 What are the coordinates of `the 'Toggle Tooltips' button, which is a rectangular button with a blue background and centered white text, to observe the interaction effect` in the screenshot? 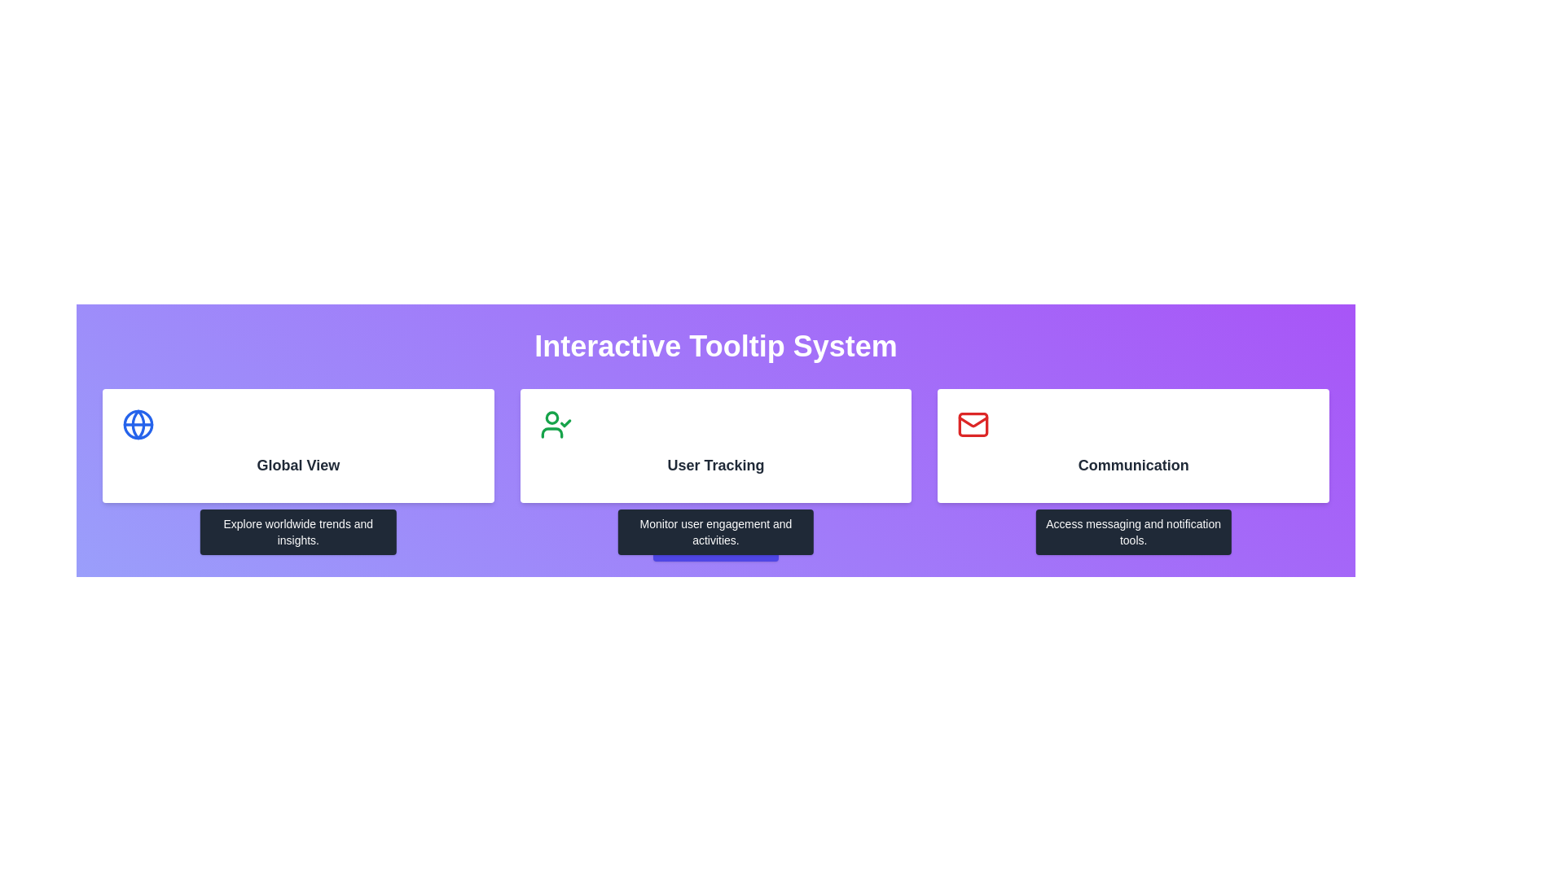 It's located at (715, 545).